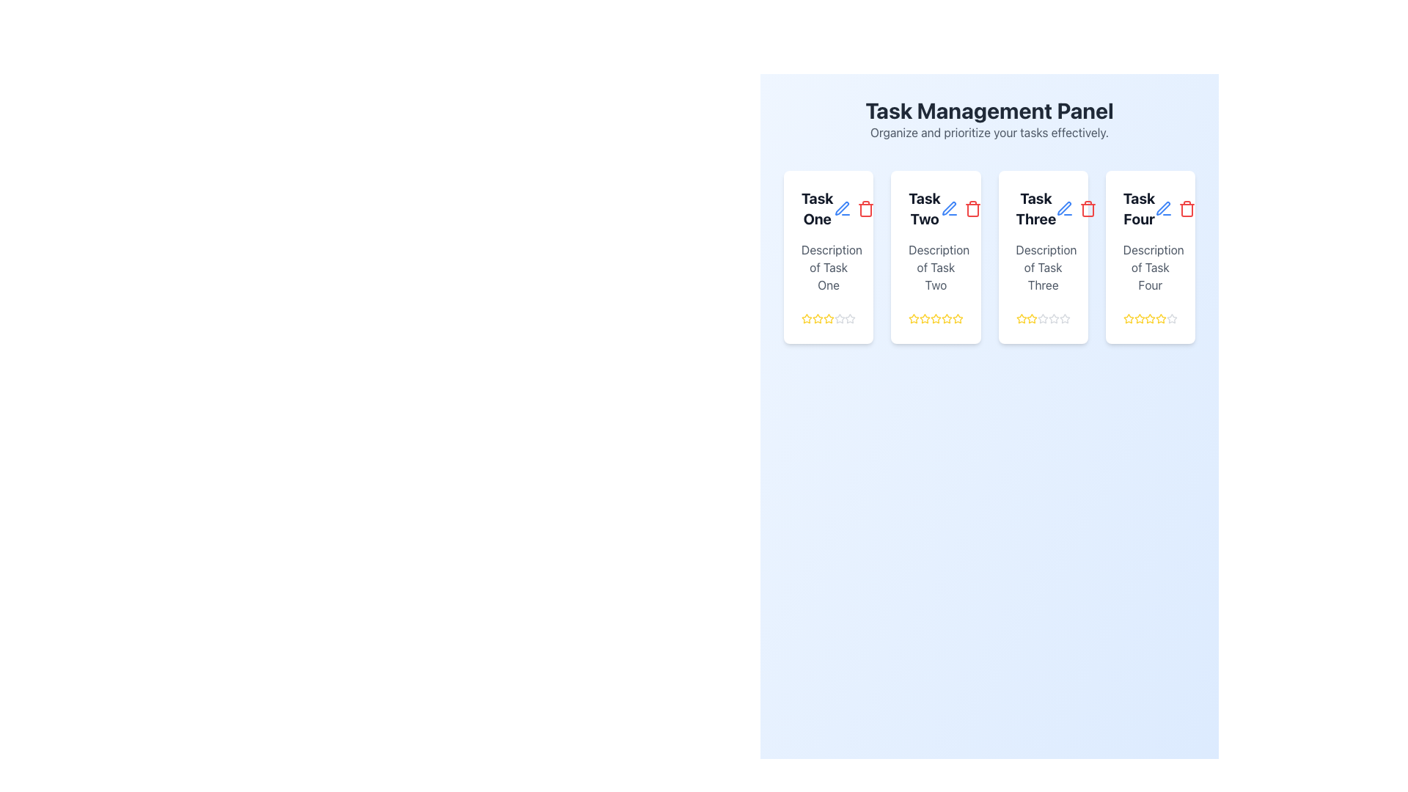 Image resolution: width=1408 pixels, height=792 pixels. Describe the element at coordinates (989, 133) in the screenshot. I see `the descriptive text located directly below the 'Task Management Panel' title, which provides guidance about the features of the section` at that location.